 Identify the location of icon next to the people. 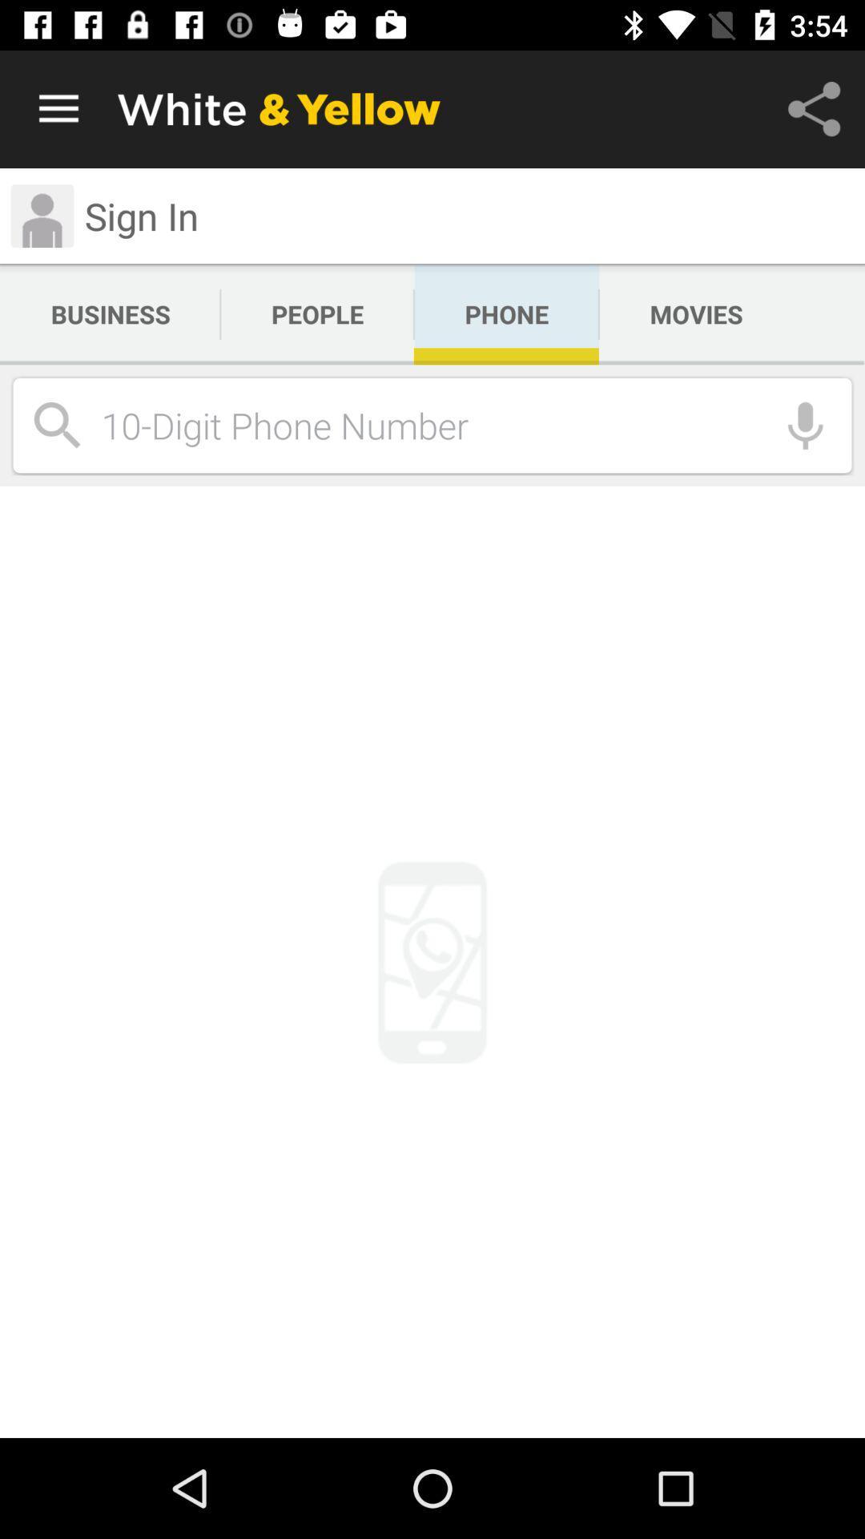
(506, 314).